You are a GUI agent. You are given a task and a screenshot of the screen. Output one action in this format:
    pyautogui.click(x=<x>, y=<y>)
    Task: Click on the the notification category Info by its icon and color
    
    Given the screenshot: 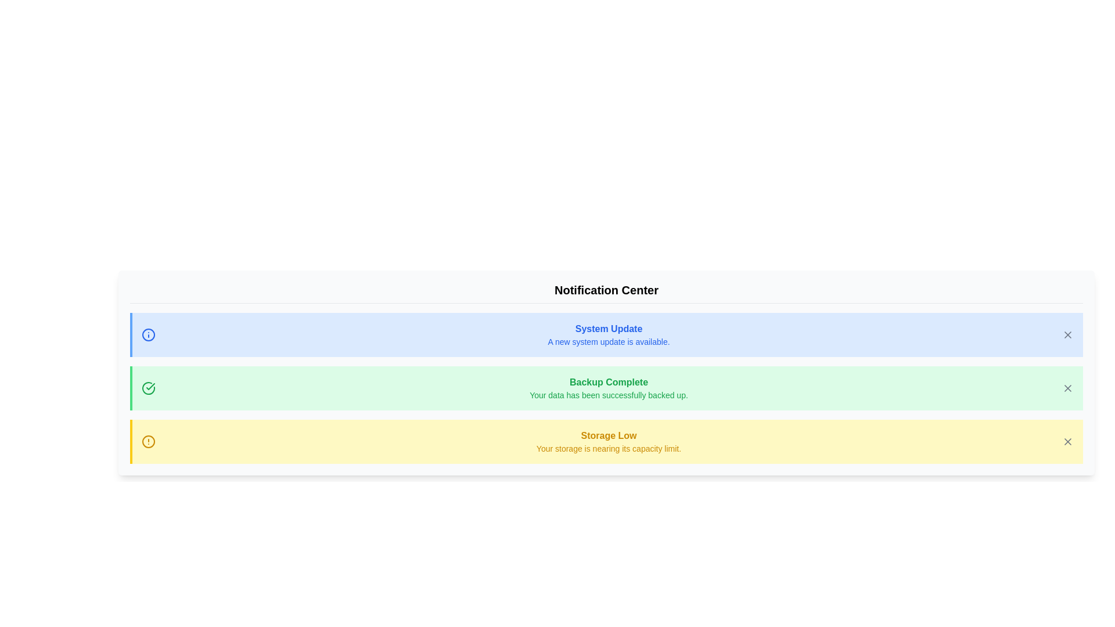 What is the action you would take?
    pyautogui.click(x=148, y=335)
    